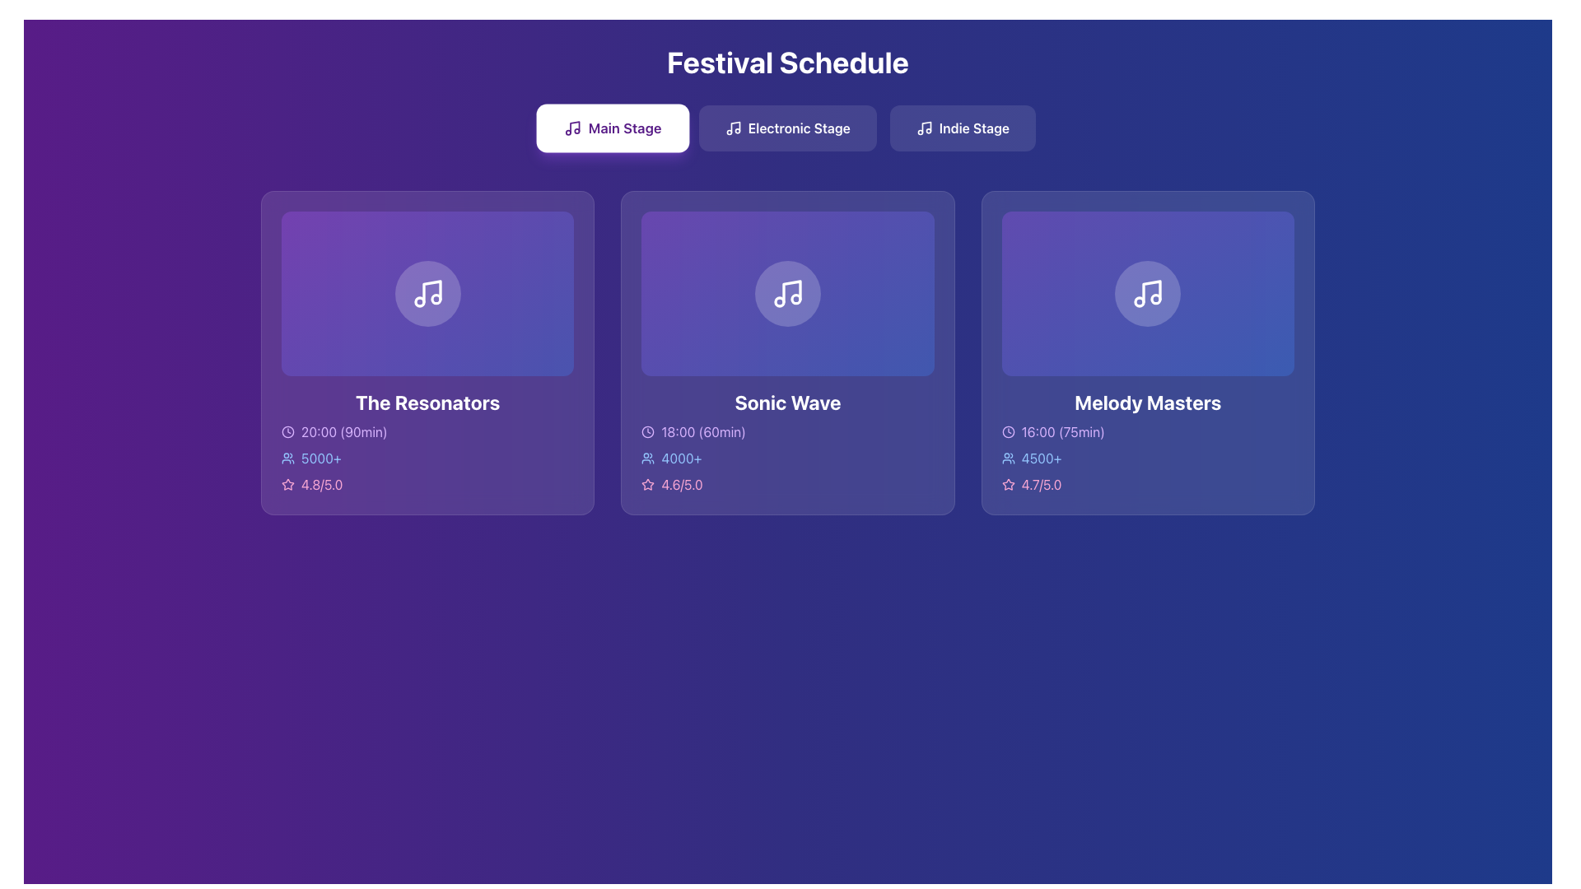  I want to click on the 'Electronic Stage' button, which contains a music note icon, located in the 'Festival Schedule' section, so click(732, 127).